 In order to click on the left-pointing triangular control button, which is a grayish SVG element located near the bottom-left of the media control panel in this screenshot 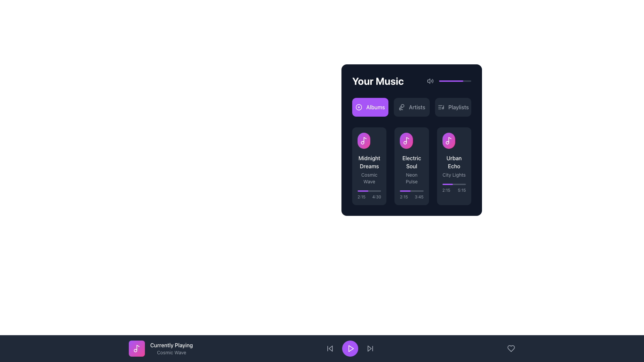, I will do `click(330, 348)`.